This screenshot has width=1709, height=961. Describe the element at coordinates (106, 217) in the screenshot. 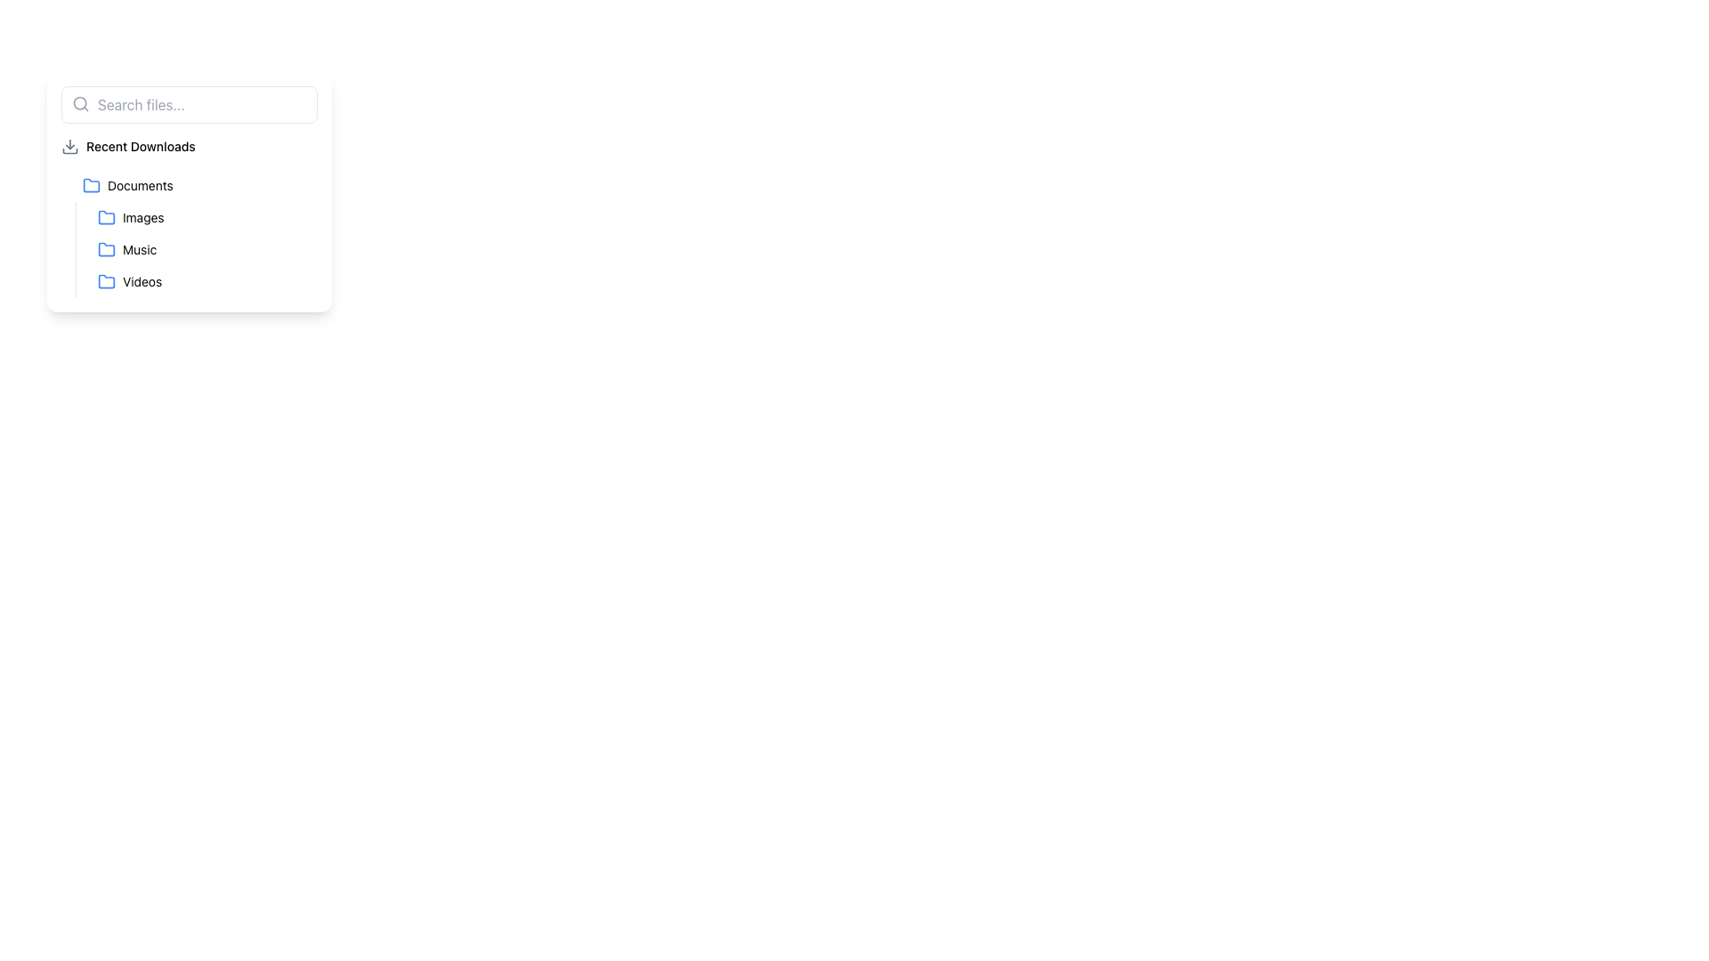

I see `the small folder icon with a blue outline located beside the text label 'Images' in the 'Recent Downloads' section` at that location.